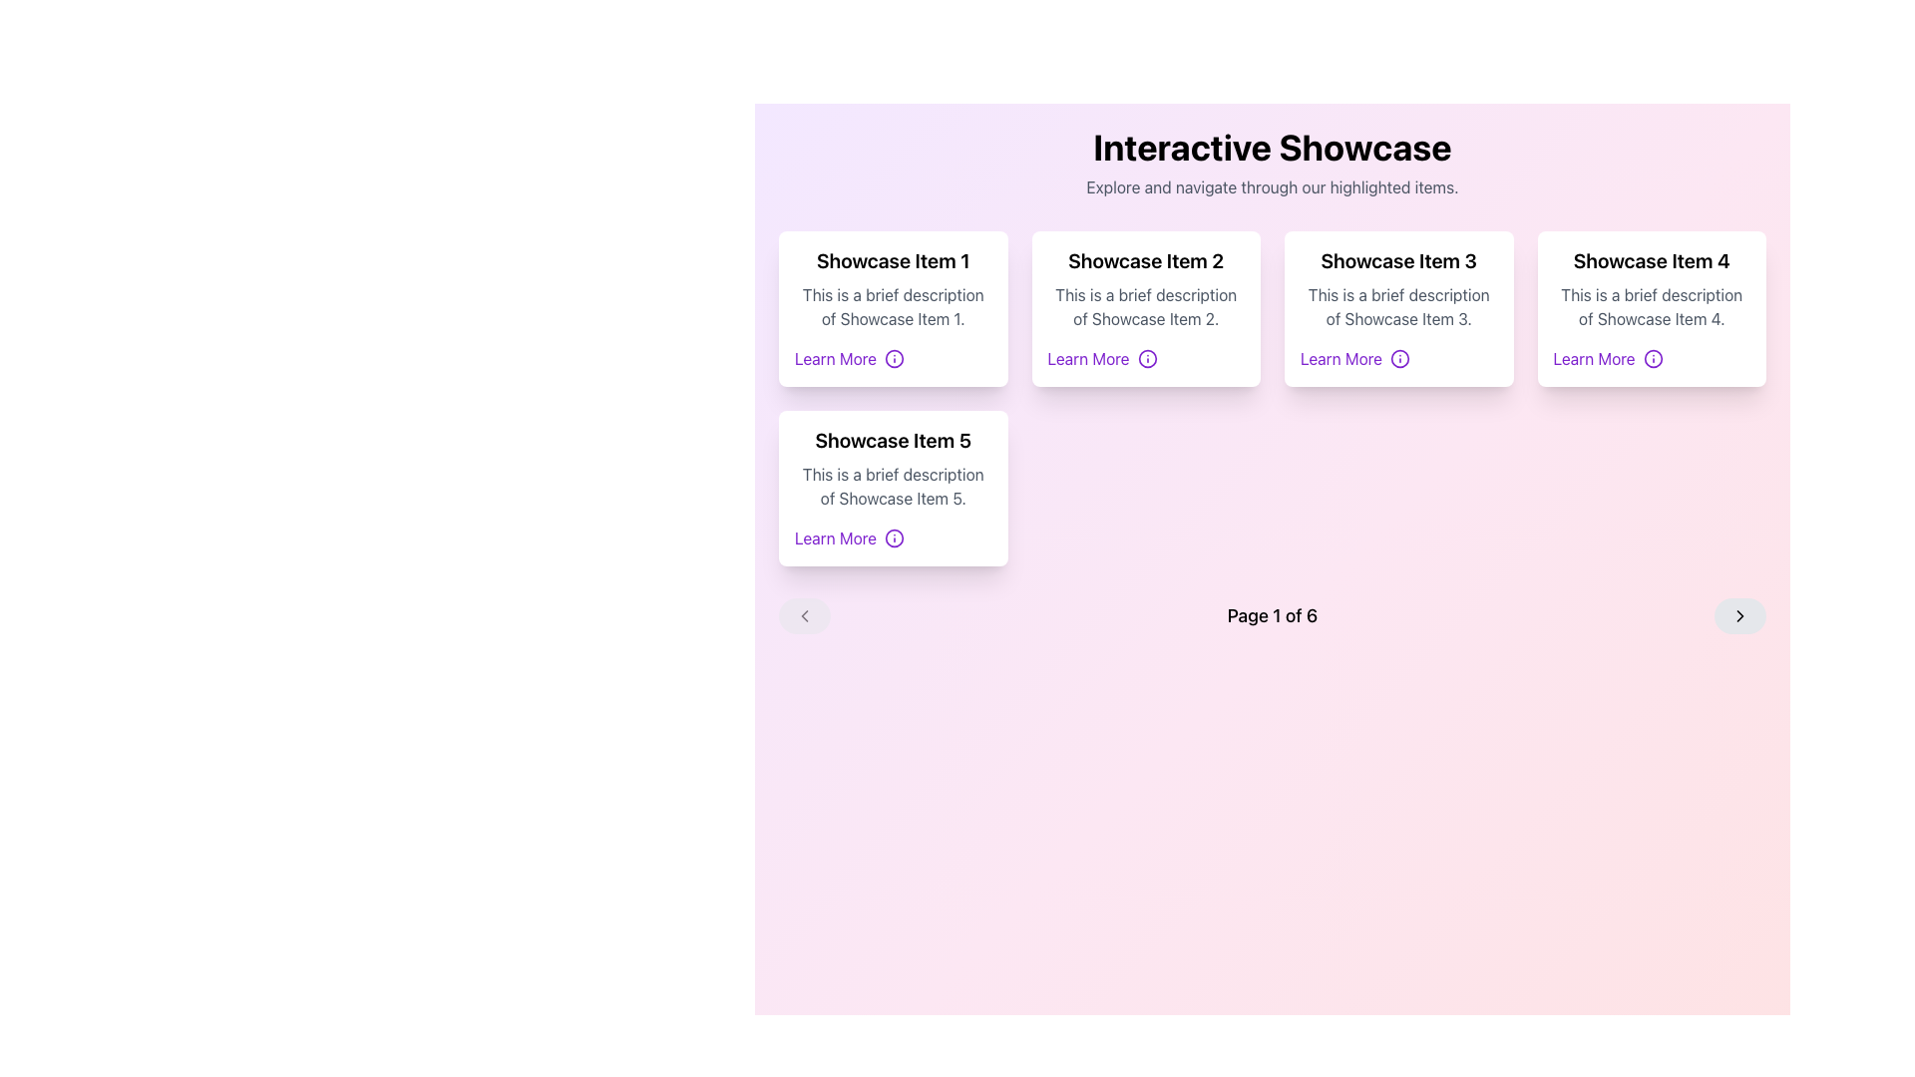  Describe the element at coordinates (1653, 357) in the screenshot. I see `the circular graphic element that serves as a border for the info icon, located adjacent to the 'Learn More' link in the fourth showcase card on the second row` at that location.